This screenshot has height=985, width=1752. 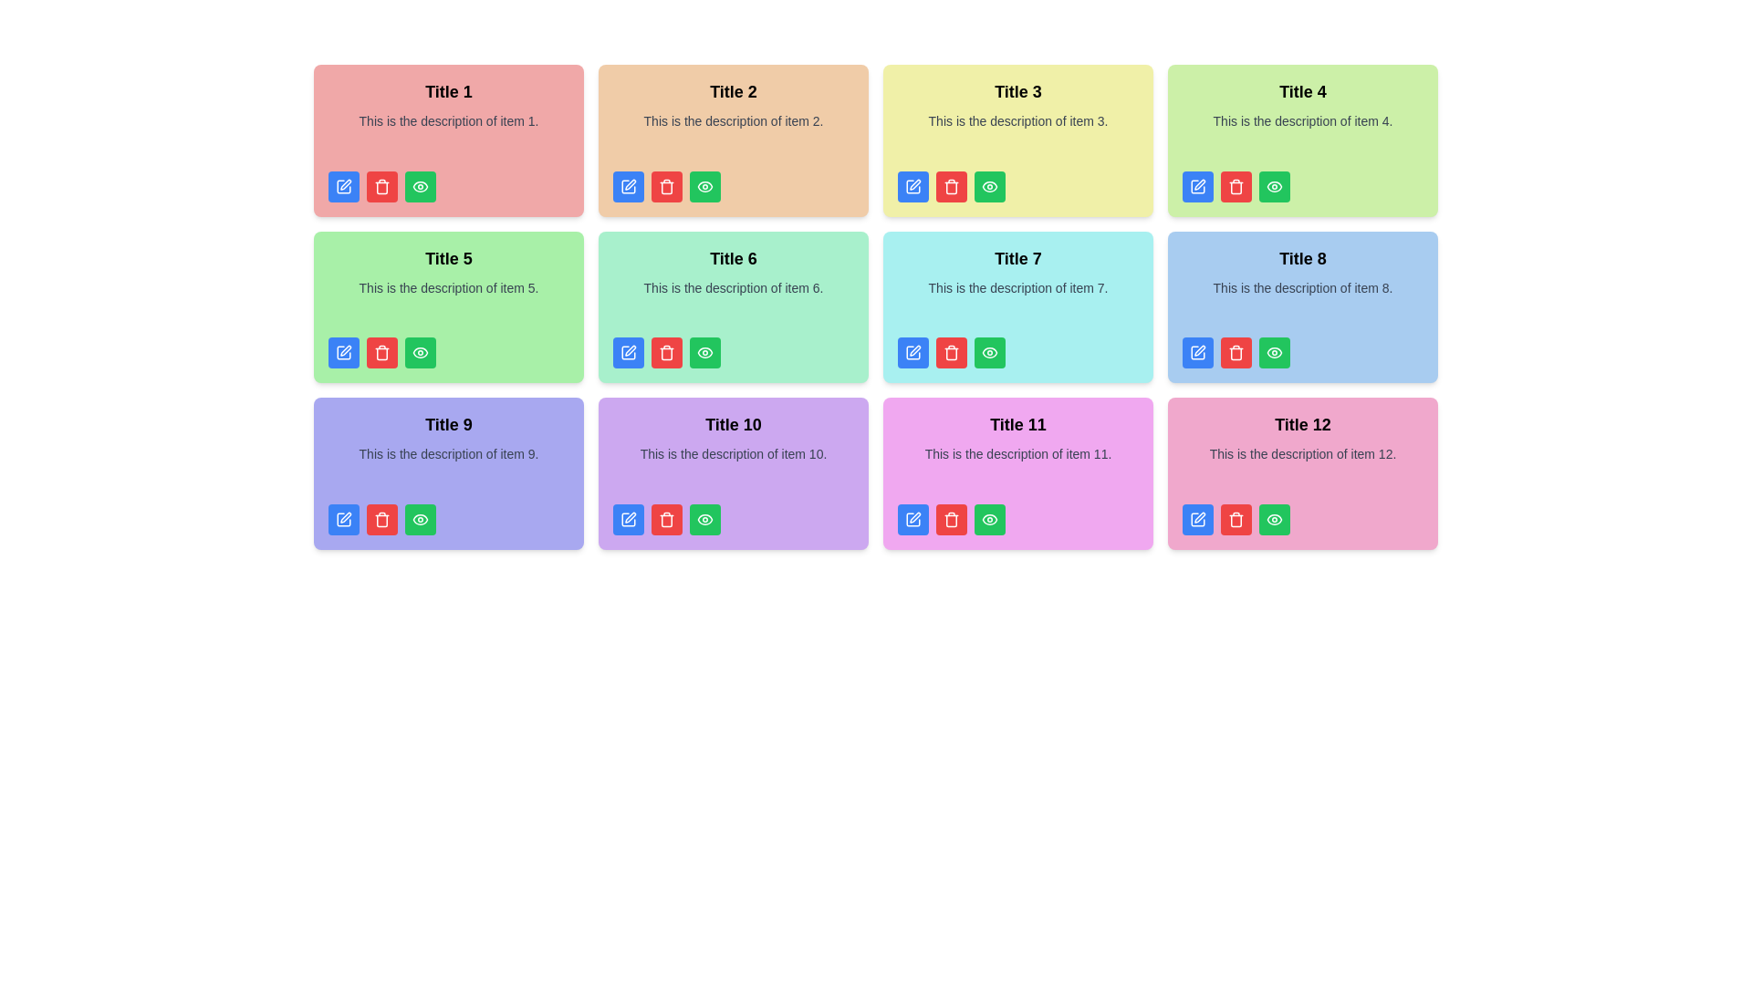 I want to click on title text of the text label displaying 'Title 10', which is formatted in bold and located in the fourth column of the second row within a card with a purple background, so click(x=734, y=425).